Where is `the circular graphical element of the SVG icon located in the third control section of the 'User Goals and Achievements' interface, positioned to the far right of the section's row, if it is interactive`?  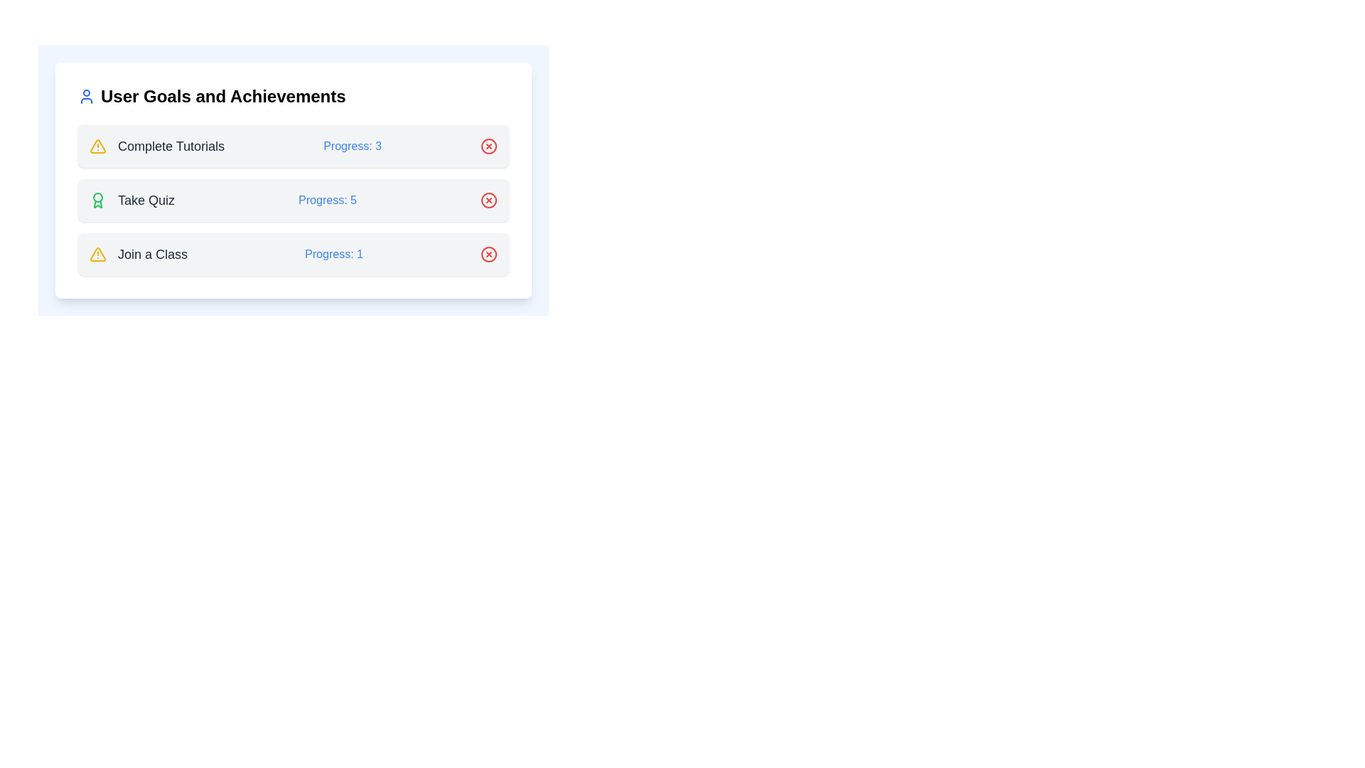
the circular graphical element of the SVG icon located in the third control section of the 'User Goals and Achievements' interface, positioned to the far right of the section's row, if it is interactive is located at coordinates (488, 200).